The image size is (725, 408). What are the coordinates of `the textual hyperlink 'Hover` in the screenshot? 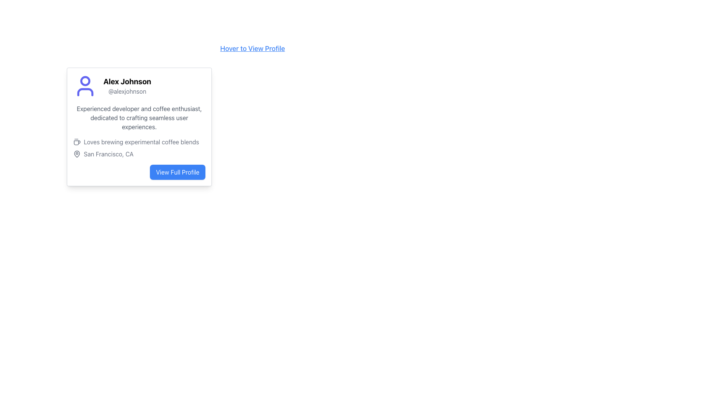 It's located at (252, 48).